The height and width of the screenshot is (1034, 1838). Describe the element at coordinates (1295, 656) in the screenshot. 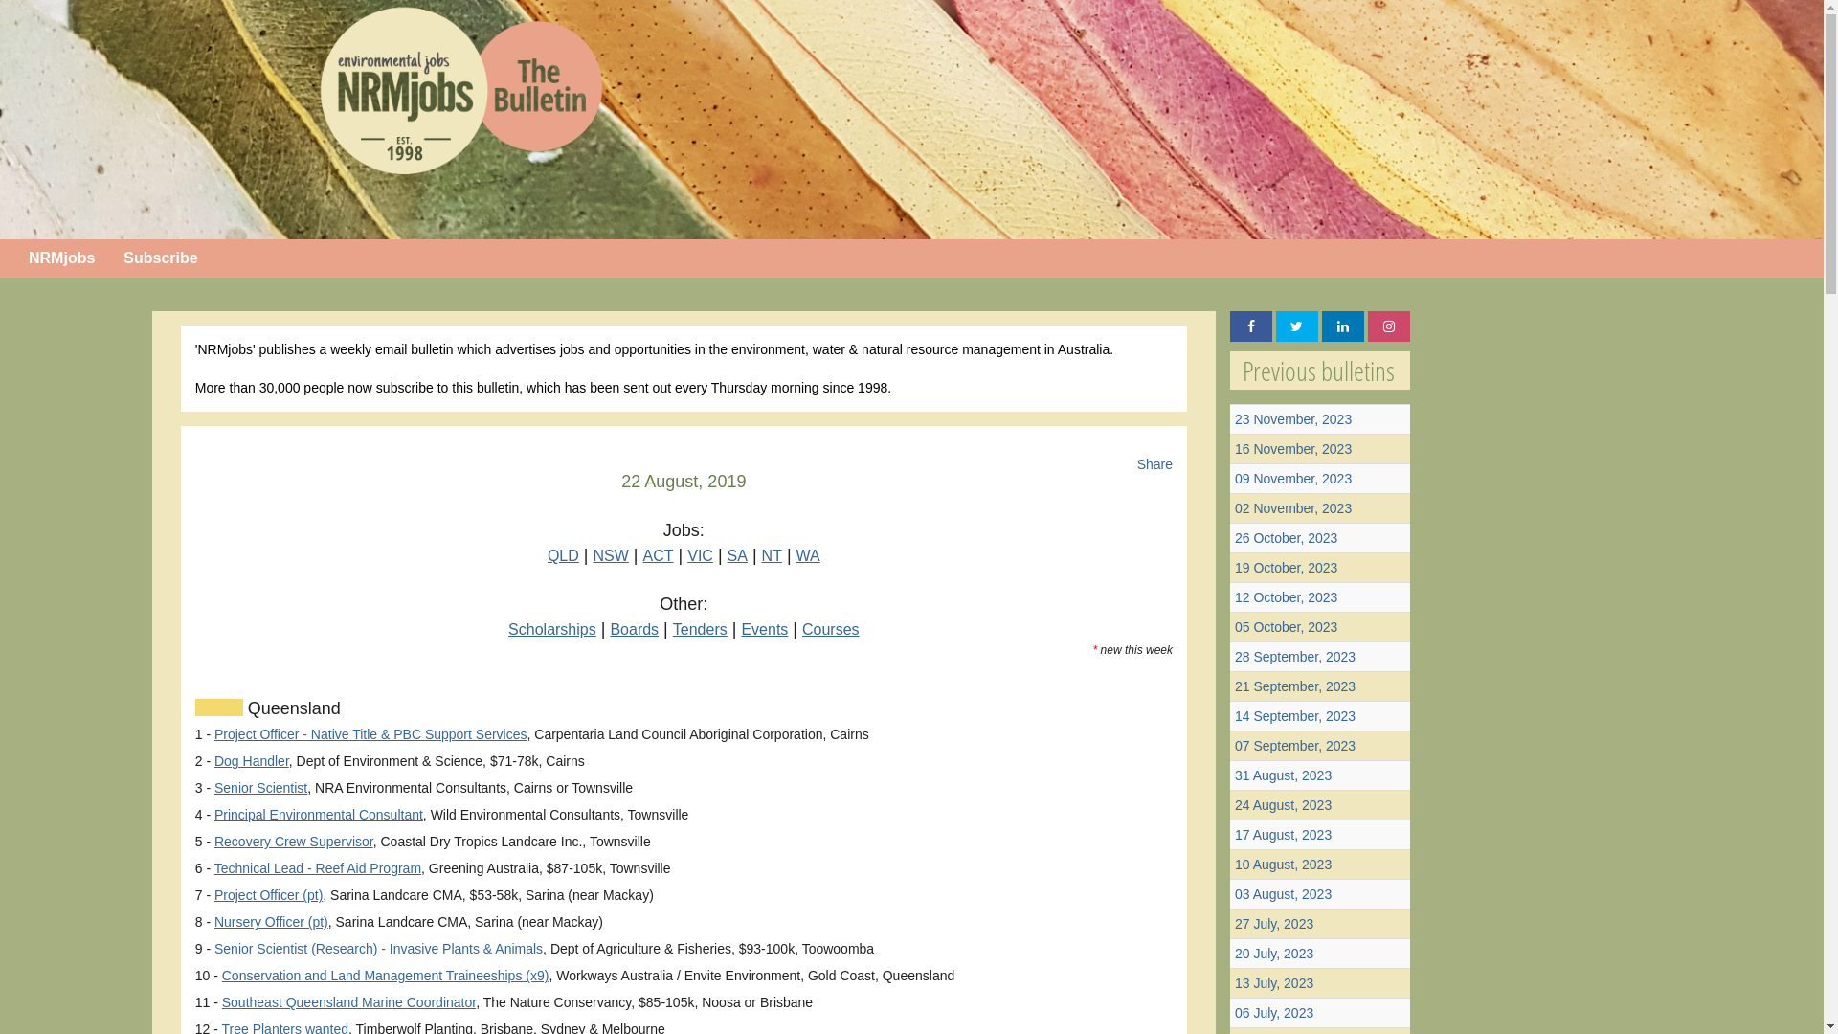

I see `'28 September, 2023'` at that location.